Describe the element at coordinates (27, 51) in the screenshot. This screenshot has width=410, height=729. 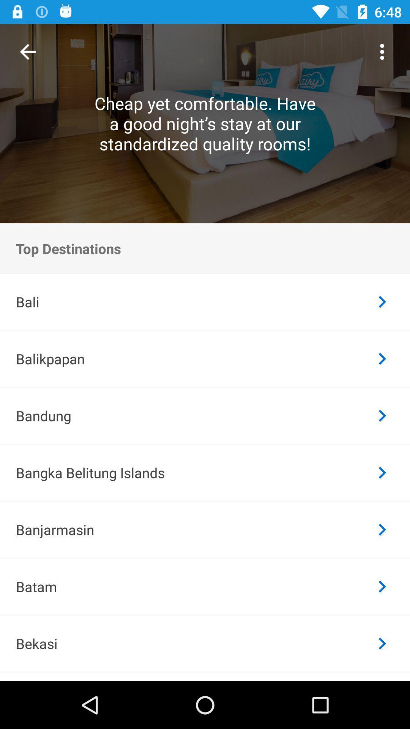
I see `the icon next to cheap yet comfortable icon` at that location.